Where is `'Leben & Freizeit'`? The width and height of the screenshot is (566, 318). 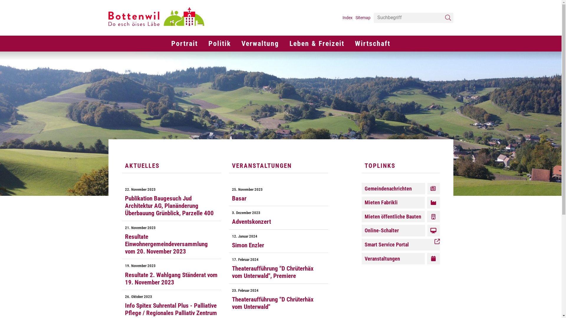
'Leben & Freizeit' is located at coordinates (317, 43).